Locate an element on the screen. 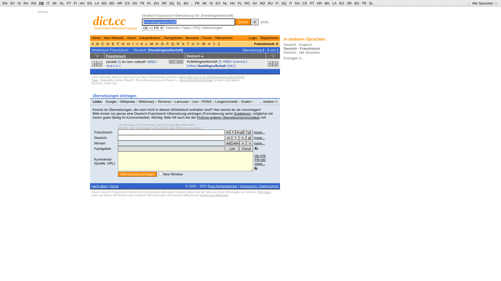 The image size is (501, 281). 'Eintragen in ...' is located at coordinates (294, 58).